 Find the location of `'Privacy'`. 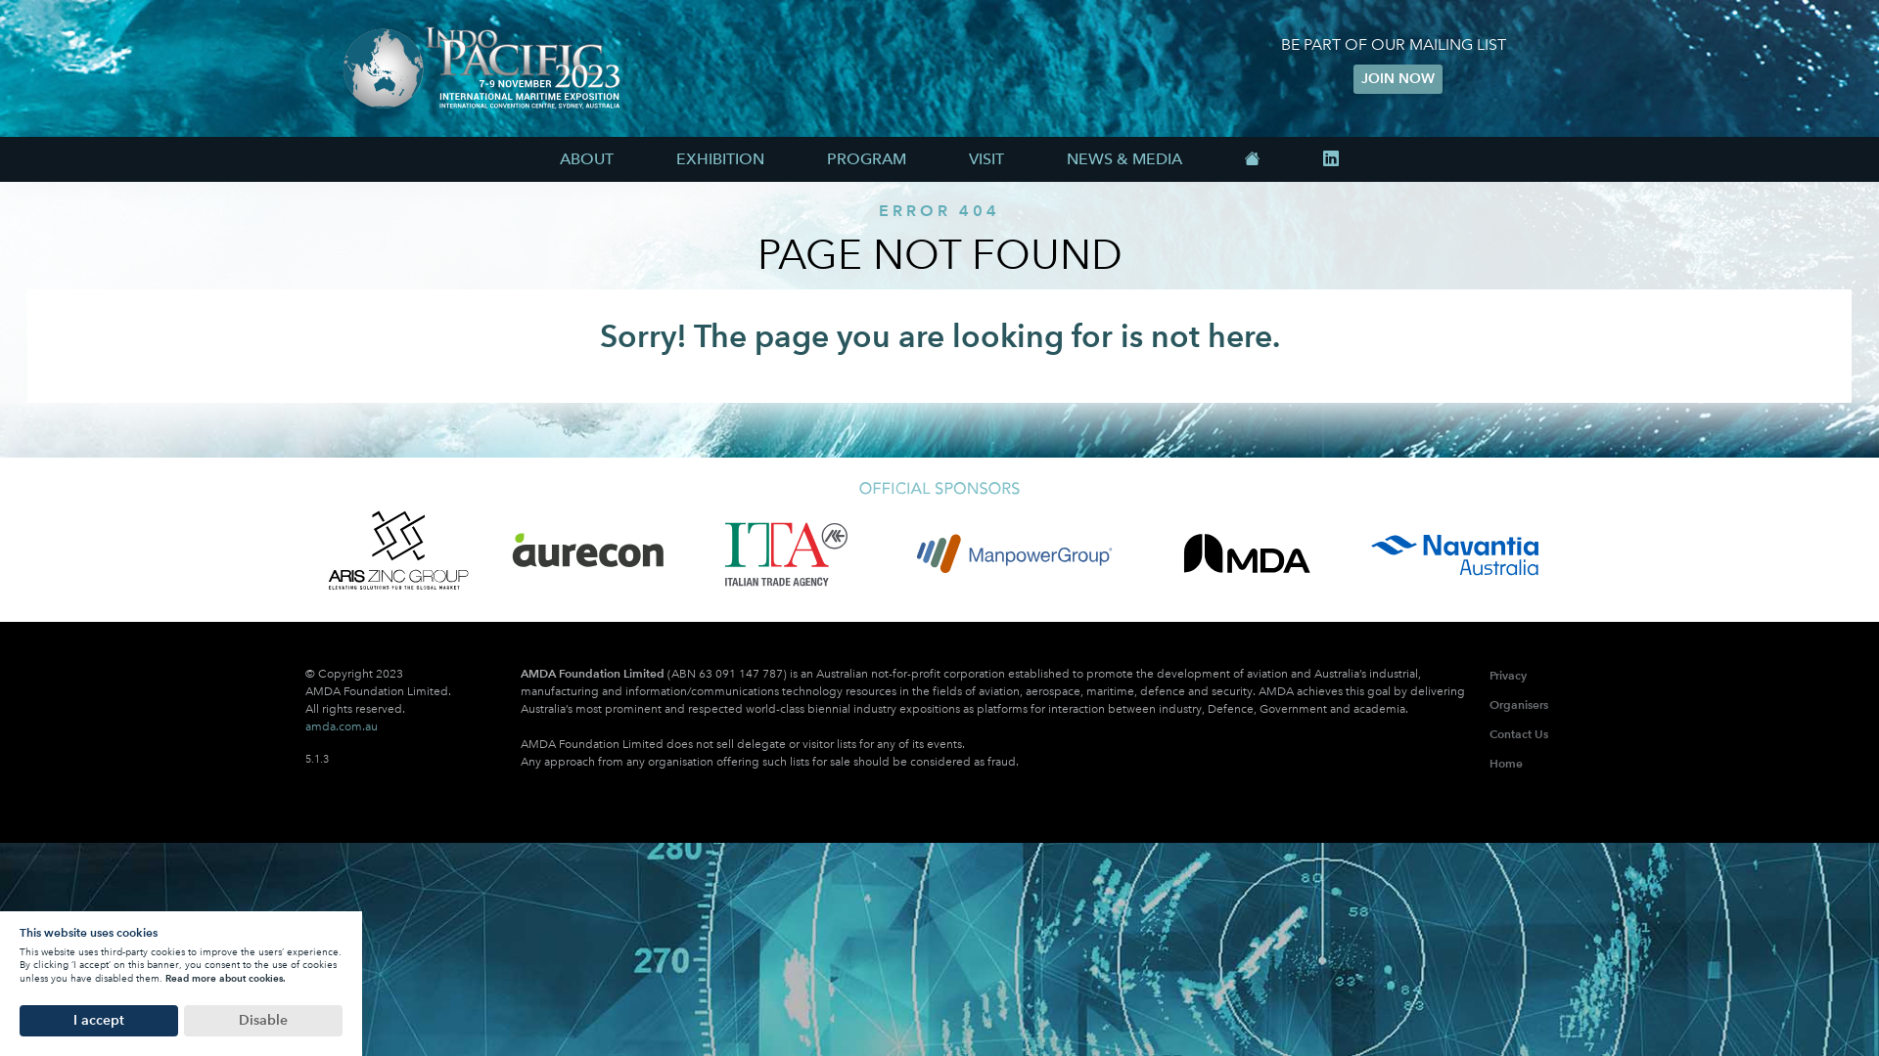

'Privacy' is located at coordinates (1506, 674).